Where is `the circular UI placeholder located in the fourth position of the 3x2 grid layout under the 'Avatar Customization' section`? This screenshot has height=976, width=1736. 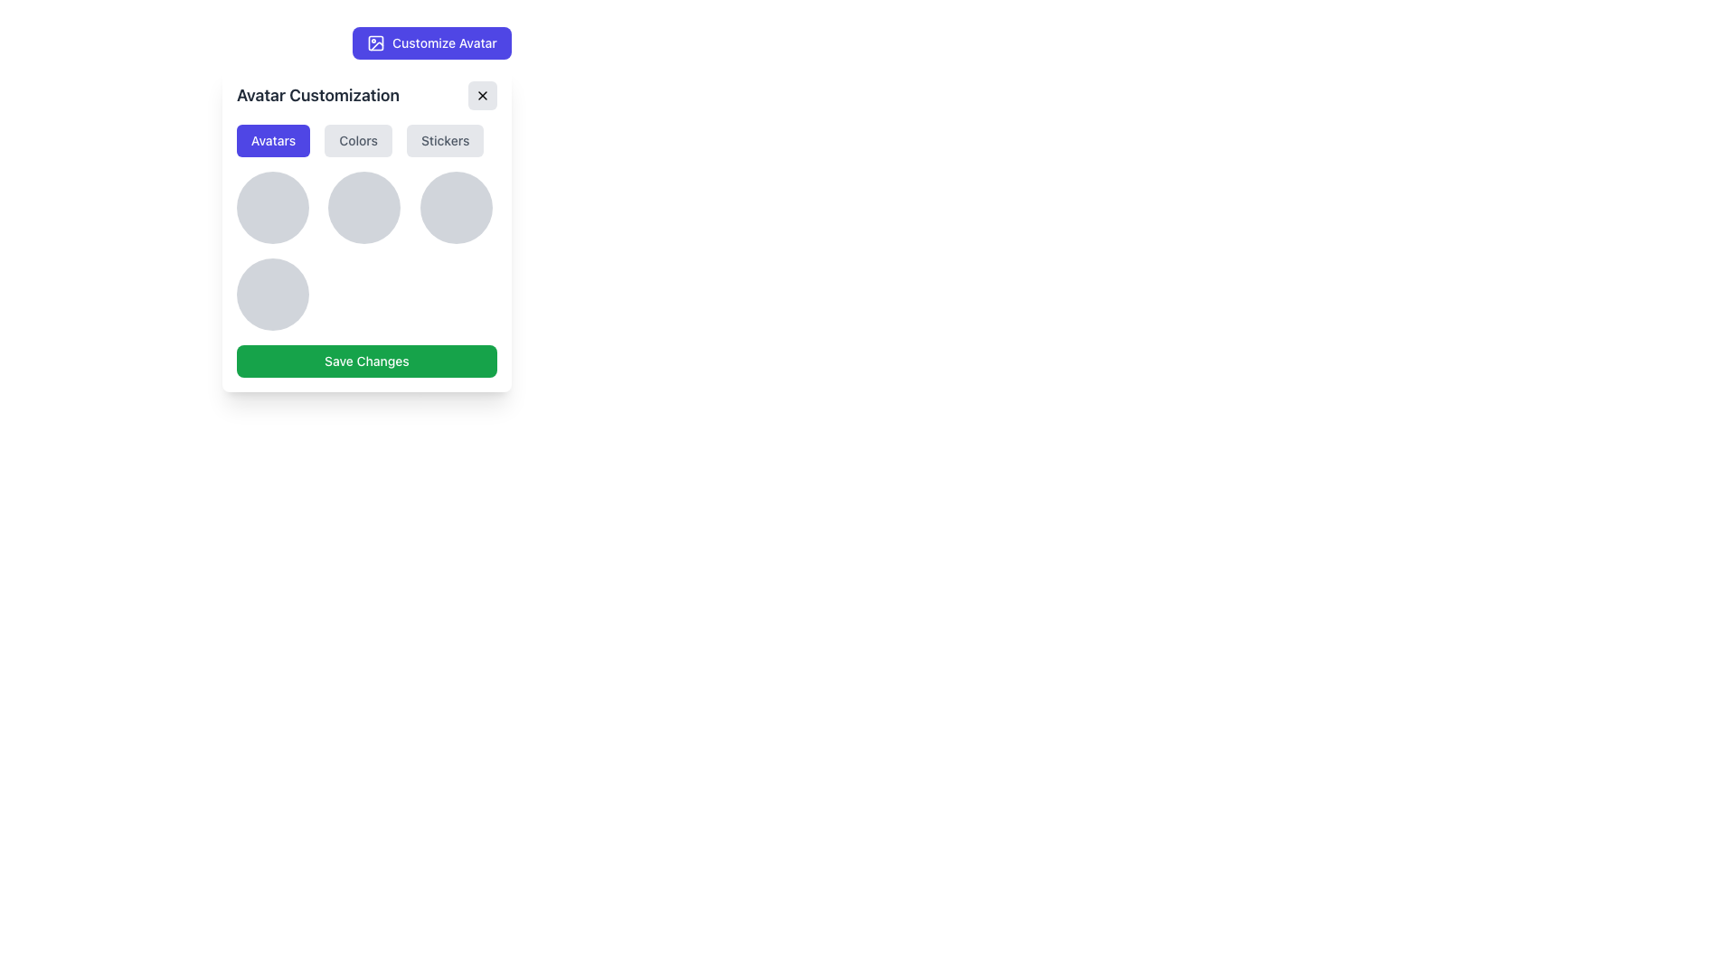
the circular UI placeholder located in the fourth position of the 3x2 grid layout under the 'Avatar Customization' section is located at coordinates (271, 294).